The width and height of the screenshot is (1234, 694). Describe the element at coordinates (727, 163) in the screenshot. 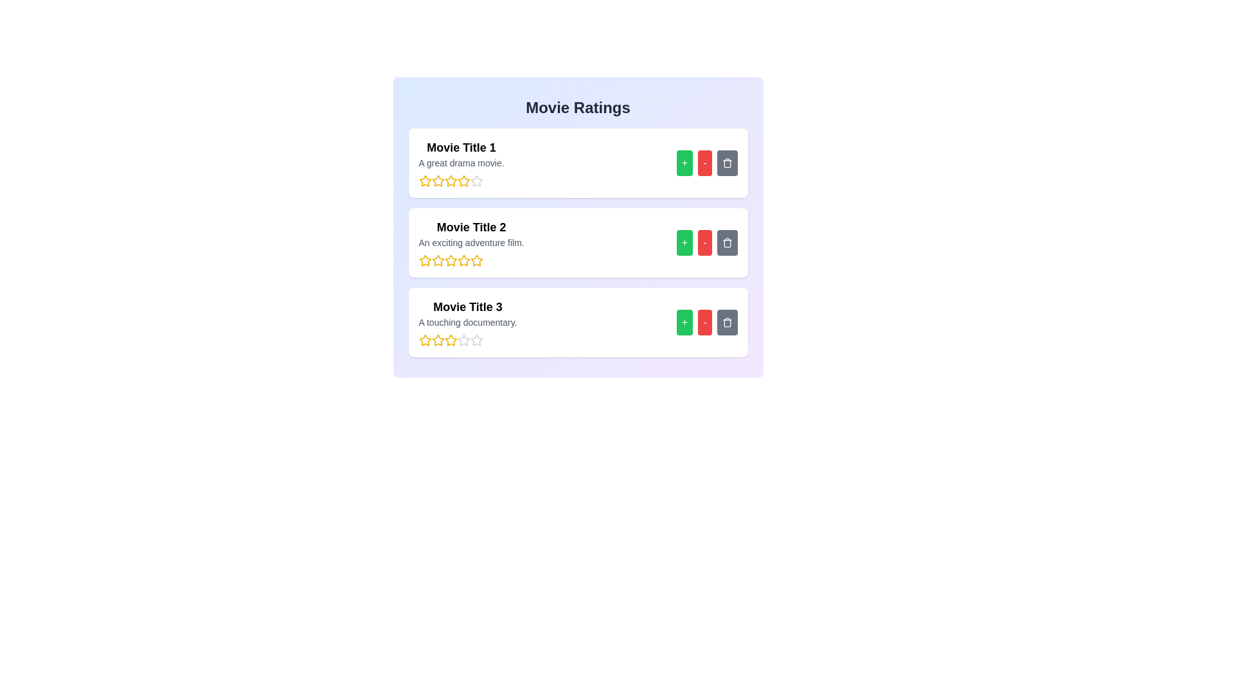

I see `trash icon for the movie titled Movie Title 1 to remove it from the list` at that location.